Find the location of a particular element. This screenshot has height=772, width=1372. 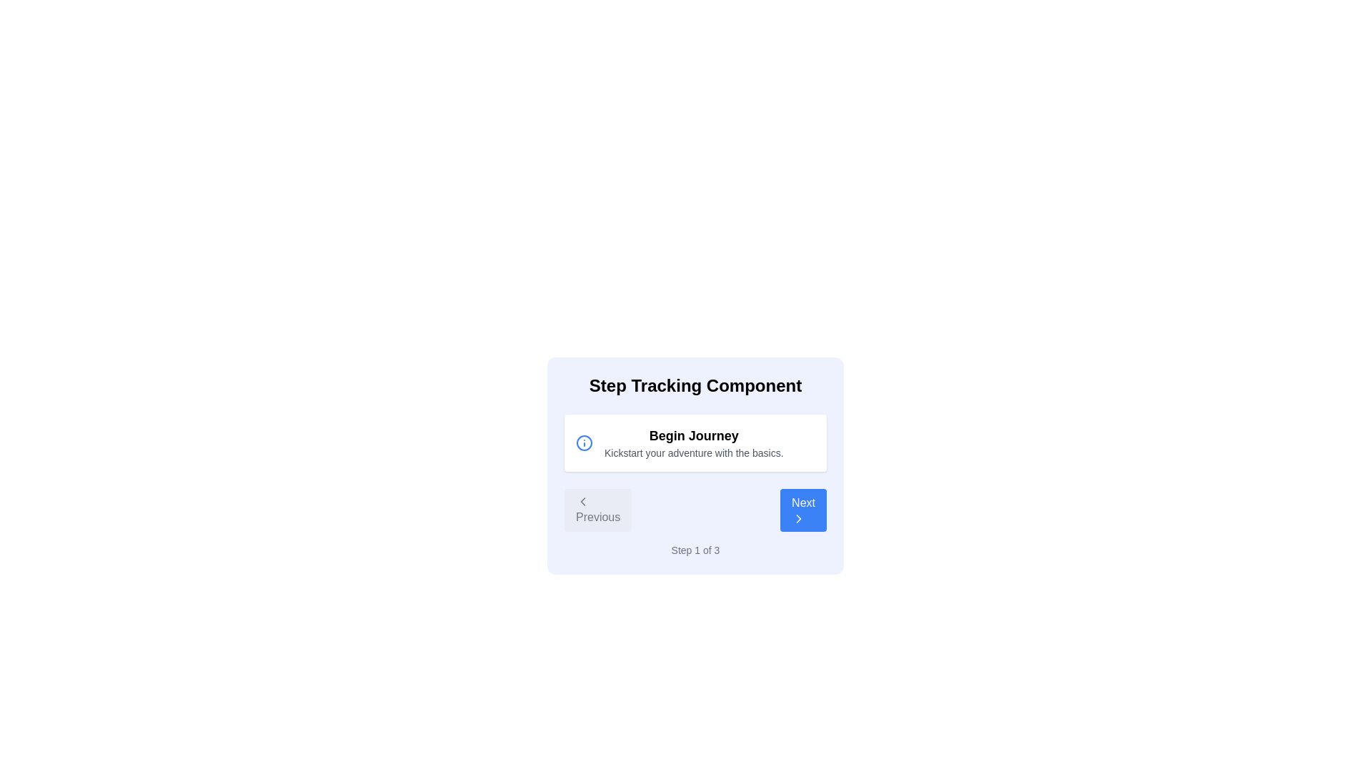

the 'Next' button, which has a bright blue background and white text with a right-pointing chevron icon is located at coordinates (802, 509).